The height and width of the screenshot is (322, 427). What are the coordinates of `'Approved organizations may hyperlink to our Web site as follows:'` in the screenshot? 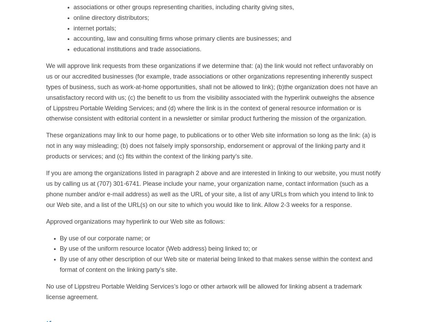 It's located at (135, 221).